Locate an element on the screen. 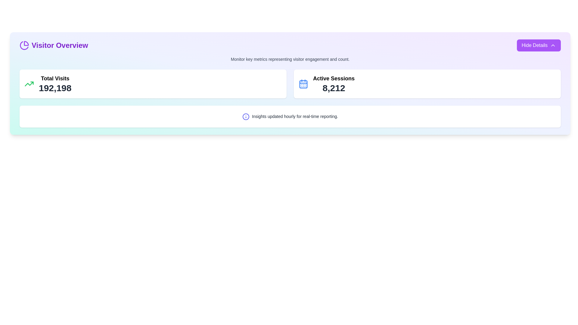  static text that states 'Monitor key metrics representing visitor engagement and count.' which is displayed in gray color below the header 'Visitor Overview' is located at coordinates (290, 57).